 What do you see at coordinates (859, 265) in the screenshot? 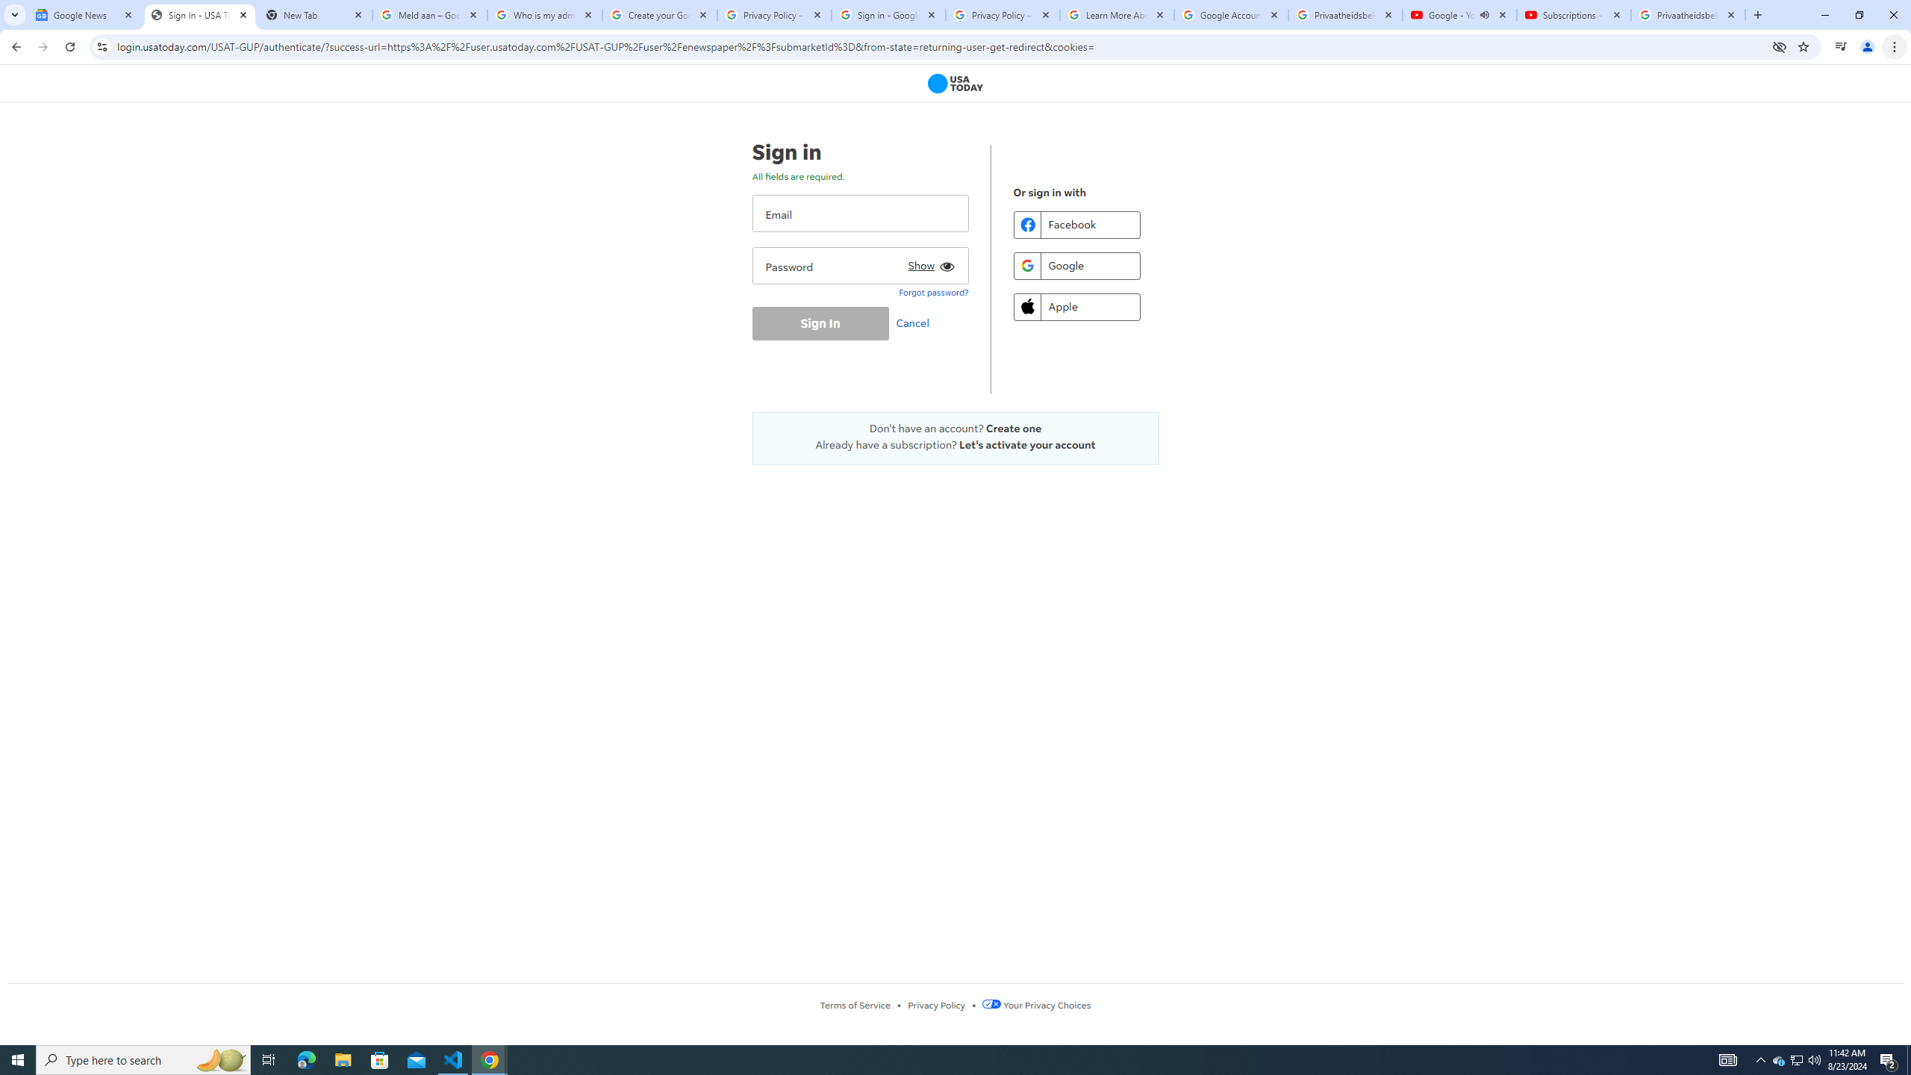
I see `'Enter Password'` at bounding box center [859, 265].